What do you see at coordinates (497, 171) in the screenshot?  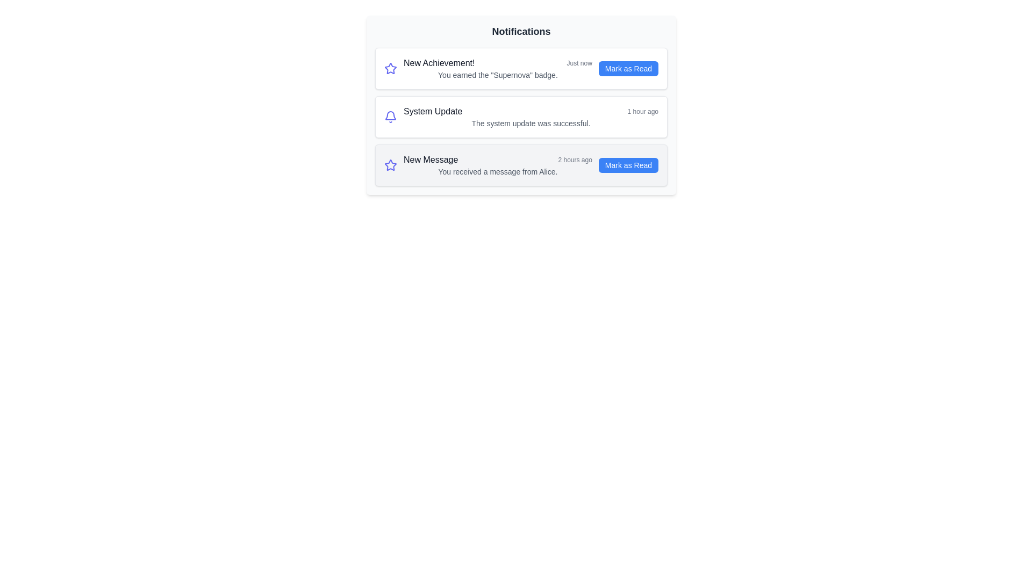 I see `the text notification message that reads 'You received a message from Alice.' which is styled in gray and located below the 'New Message' title in the third notification section` at bounding box center [497, 171].